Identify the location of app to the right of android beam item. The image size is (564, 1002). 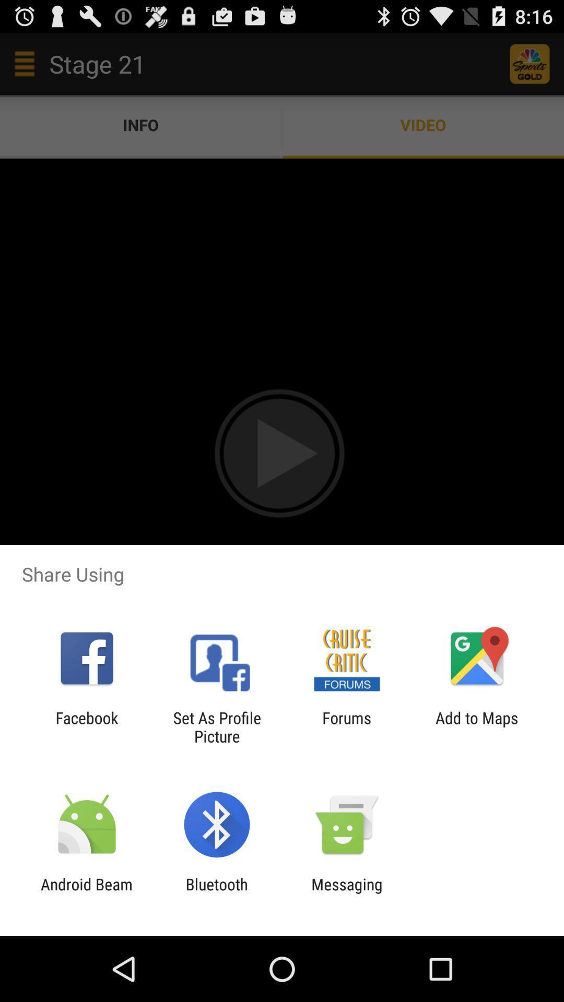
(216, 893).